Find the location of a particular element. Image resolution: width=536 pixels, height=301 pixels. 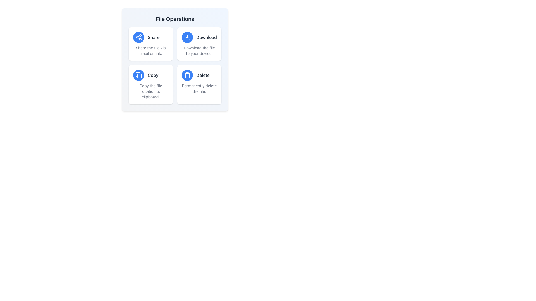

the download button, which is the second item in a 2x2 grid layout positioned in the top-right corner, to initiate the download action is located at coordinates (199, 44).